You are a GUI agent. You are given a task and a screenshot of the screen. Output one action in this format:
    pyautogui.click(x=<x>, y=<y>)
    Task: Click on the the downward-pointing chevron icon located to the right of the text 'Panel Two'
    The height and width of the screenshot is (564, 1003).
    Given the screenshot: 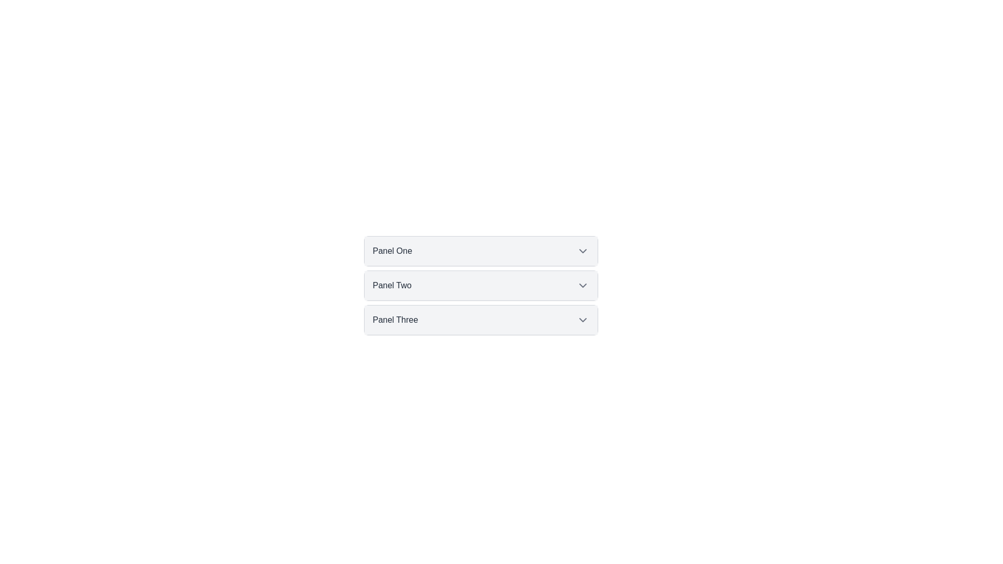 What is the action you would take?
    pyautogui.click(x=582, y=286)
    